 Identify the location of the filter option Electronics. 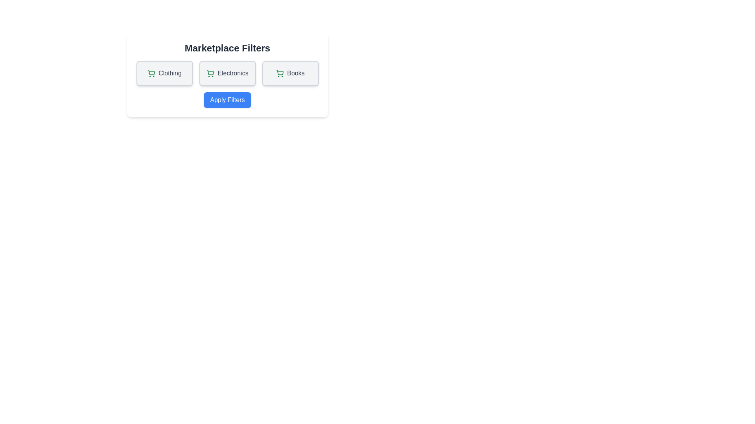
(227, 73).